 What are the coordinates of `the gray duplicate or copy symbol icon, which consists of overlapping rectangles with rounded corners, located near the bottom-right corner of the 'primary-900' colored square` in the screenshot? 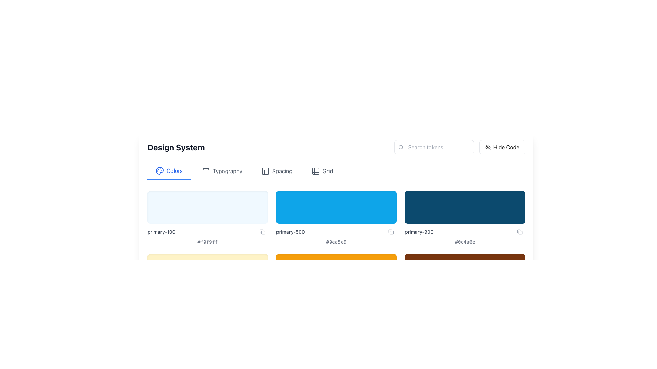 It's located at (519, 231).